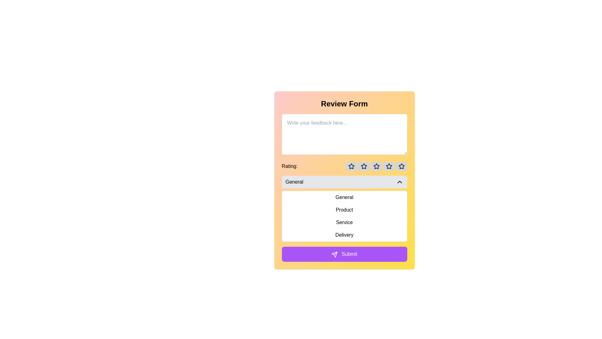  What do you see at coordinates (344, 254) in the screenshot?
I see `the submission button located at the bottom section of the review form` at bounding box center [344, 254].